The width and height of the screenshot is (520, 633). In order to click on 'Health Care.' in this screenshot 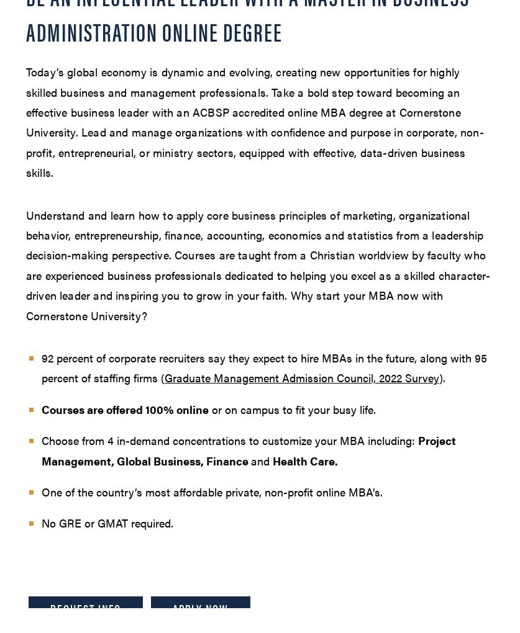, I will do `click(304, 460)`.